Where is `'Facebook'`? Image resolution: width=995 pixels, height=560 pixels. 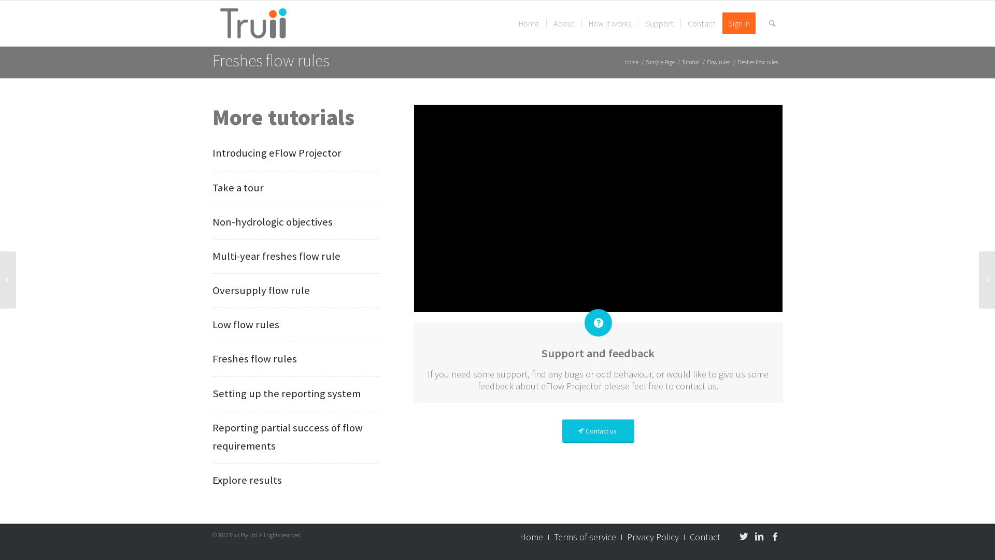
'Facebook' is located at coordinates (774, 536).